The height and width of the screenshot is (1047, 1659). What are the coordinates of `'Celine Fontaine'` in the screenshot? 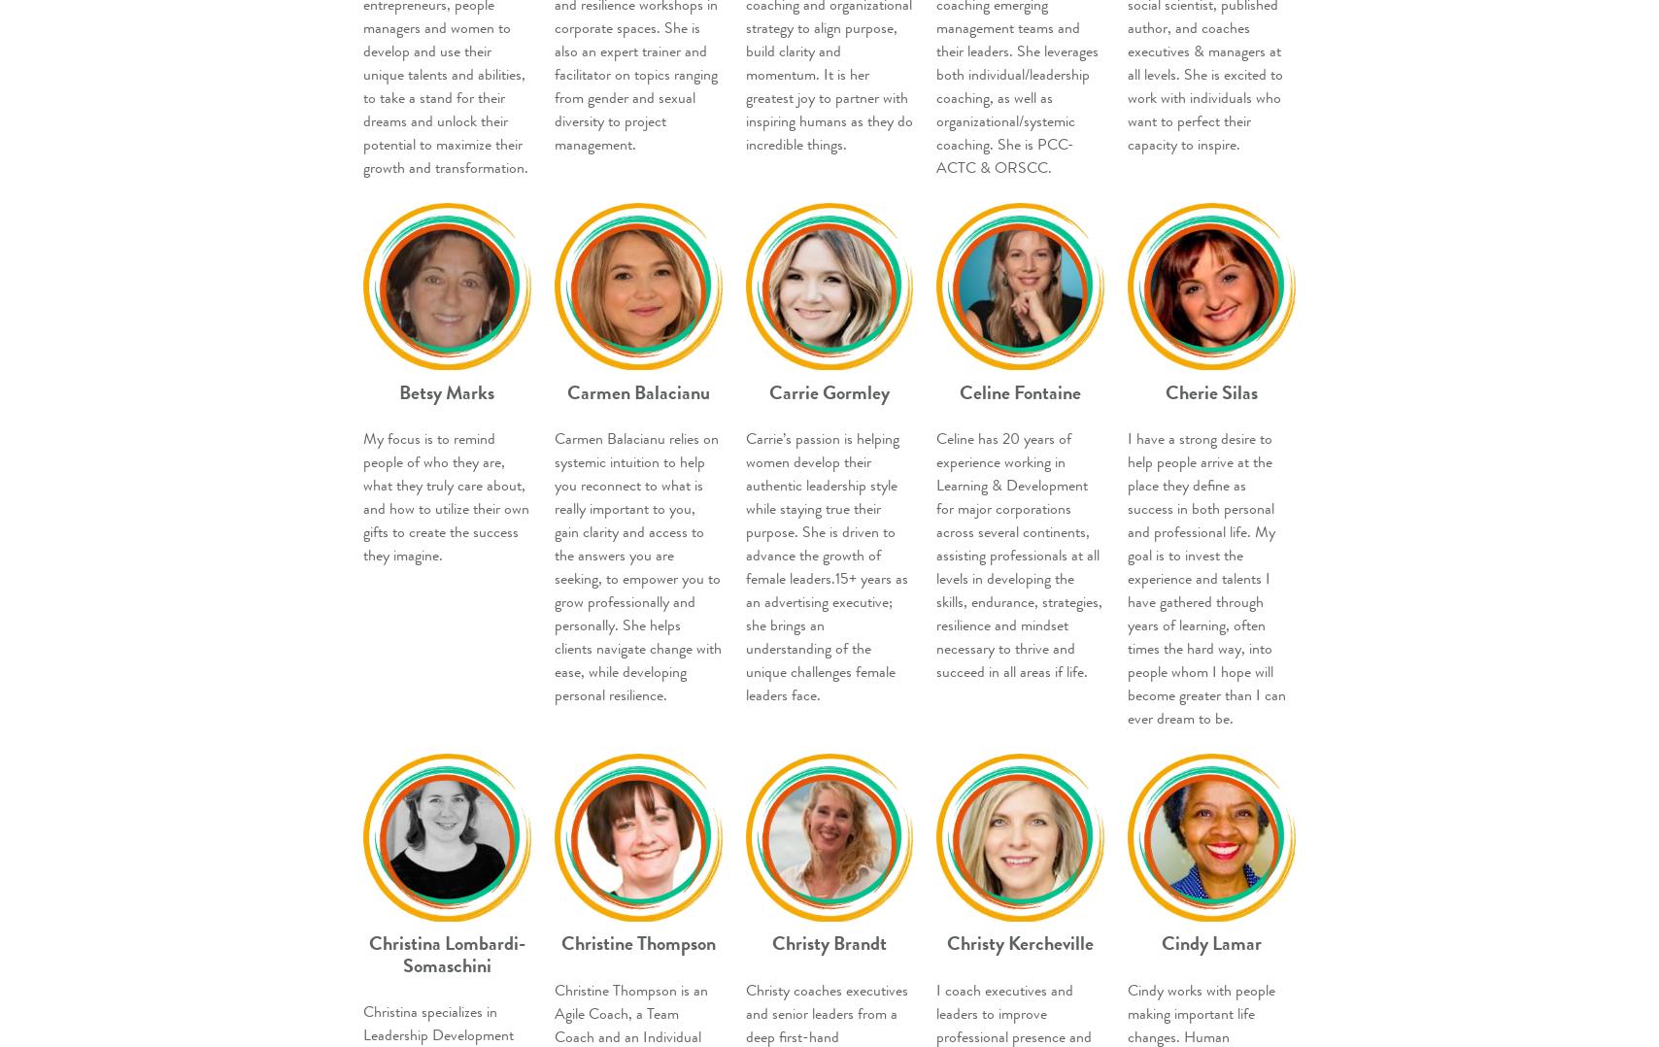 It's located at (960, 390).